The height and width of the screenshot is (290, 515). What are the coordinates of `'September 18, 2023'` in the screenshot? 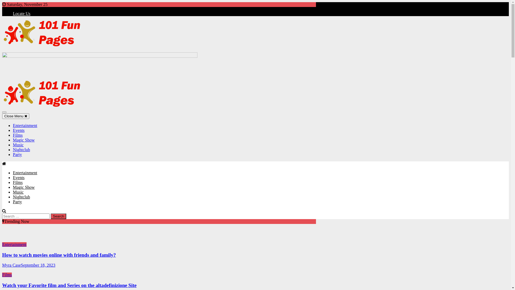 It's located at (21, 265).